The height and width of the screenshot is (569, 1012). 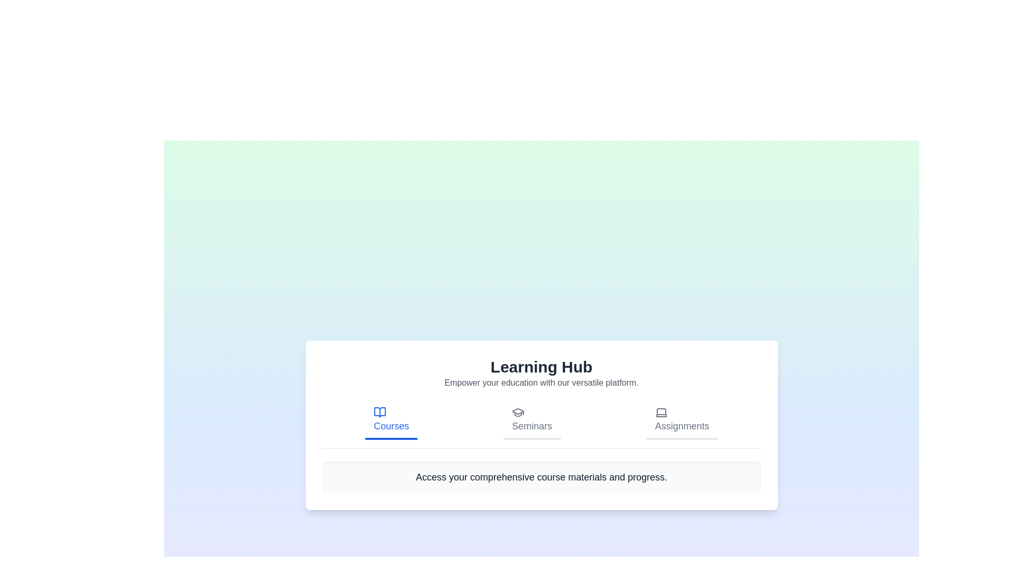 What do you see at coordinates (379, 411) in the screenshot?
I see `the Icon representing an open book, which is located in the bottom left corner of a card-like structure, adjacent to the 'Courses' label` at bounding box center [379, 411].